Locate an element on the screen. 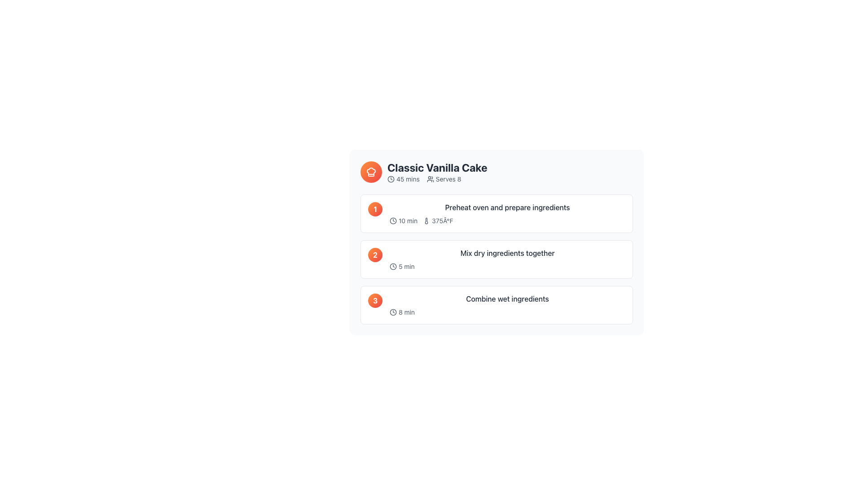 Image resolution: width=862 pixels, height=484 pixels. the List item labeled as Step 3, which contains the number '3' in a gradient orange circle and the text 'Combine wet ingredients' is located at coordinates (496, 305).